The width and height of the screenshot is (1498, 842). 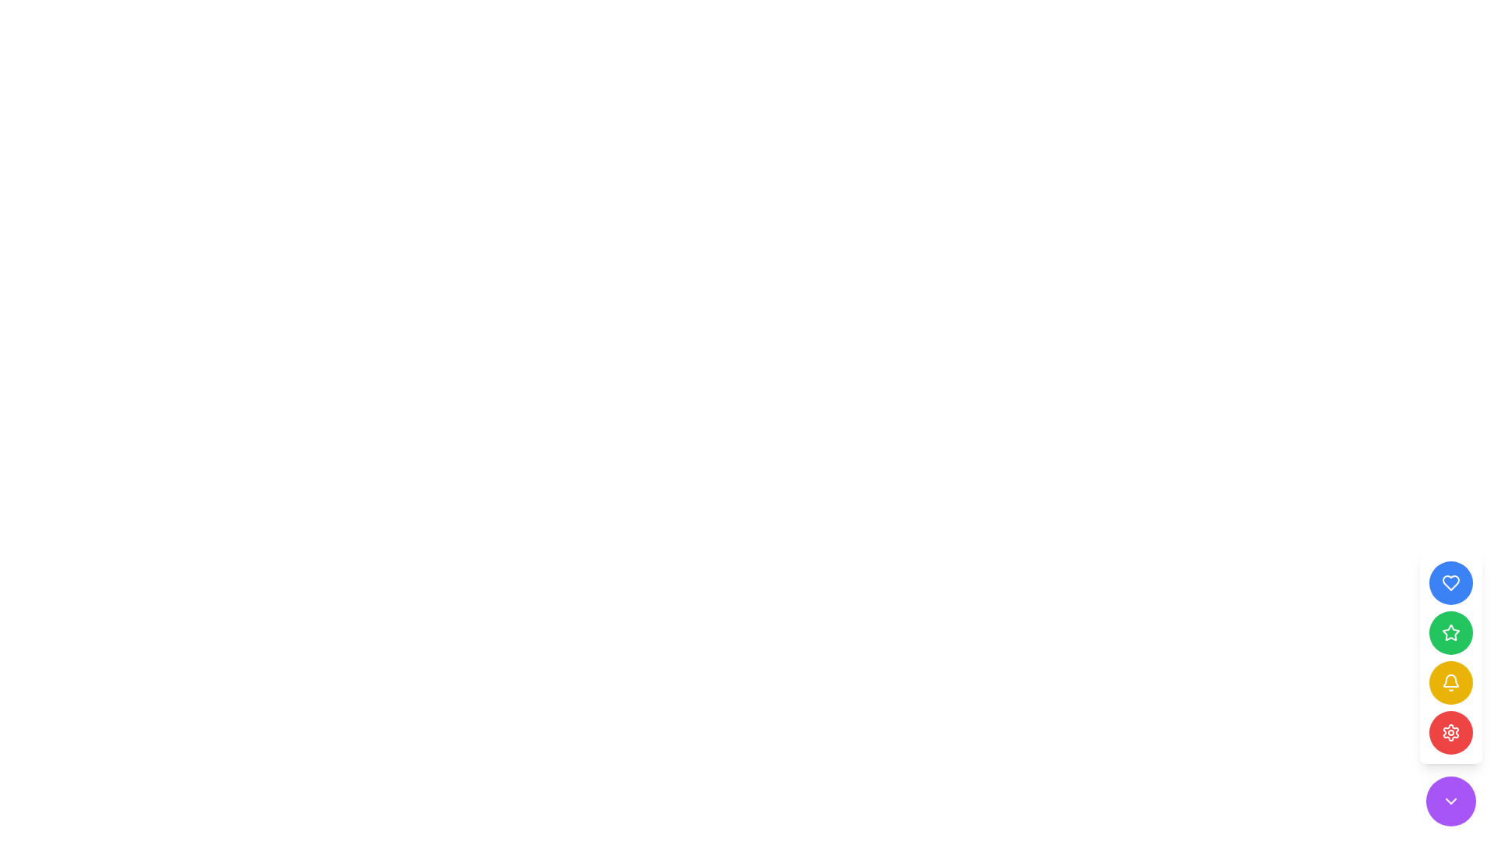 I want to click on the red circular settings button with a white cogwheel symbol, so click(x=1450, y=733).